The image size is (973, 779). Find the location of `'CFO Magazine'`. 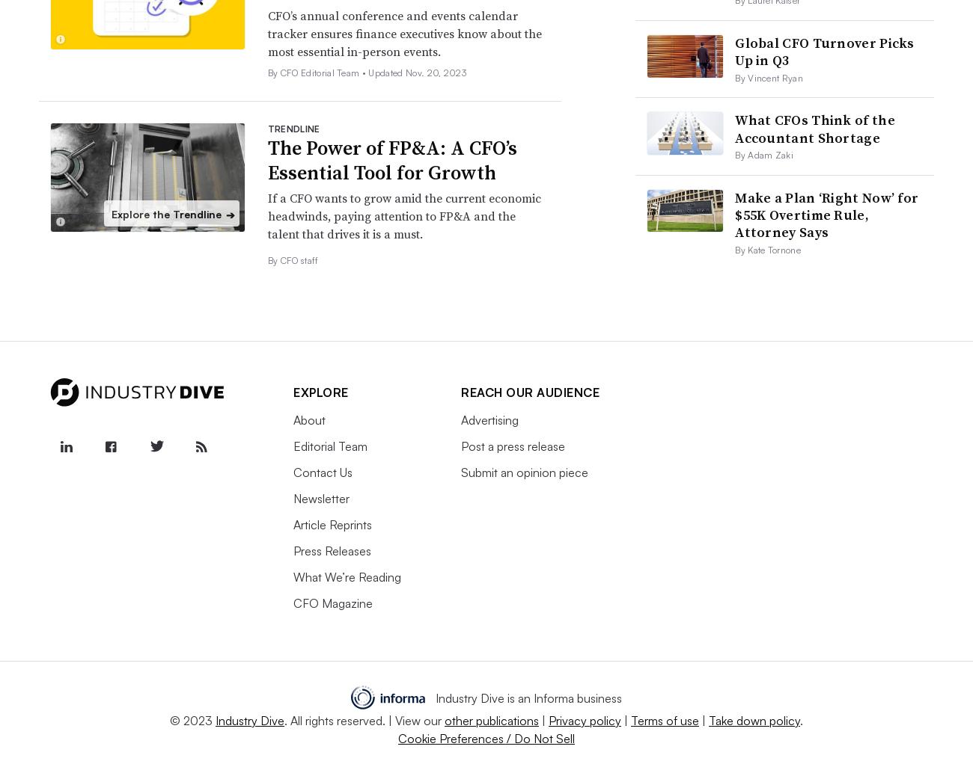

'CFO Magazine' is located at coordinates (332, 603).